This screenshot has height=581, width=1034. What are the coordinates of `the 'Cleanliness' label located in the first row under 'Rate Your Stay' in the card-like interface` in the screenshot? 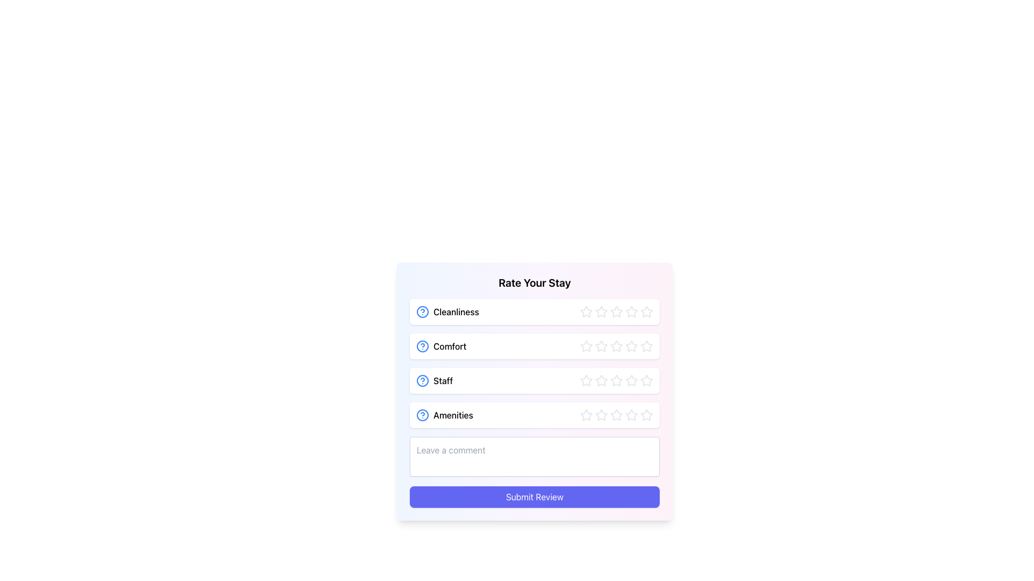 It's located at (456, 311).